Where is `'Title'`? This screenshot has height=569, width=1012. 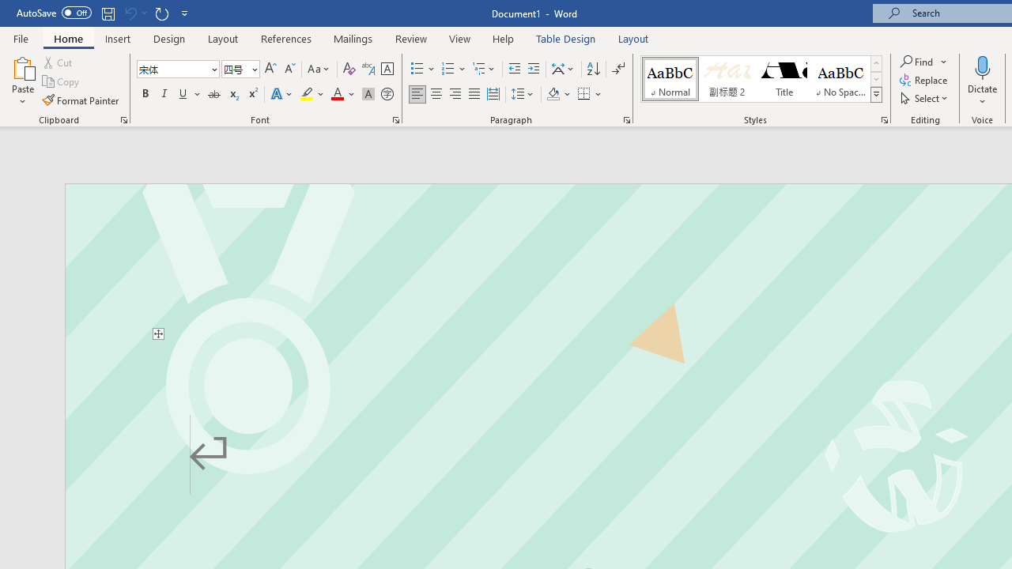 'Title' is located at coordinates (784, 79).